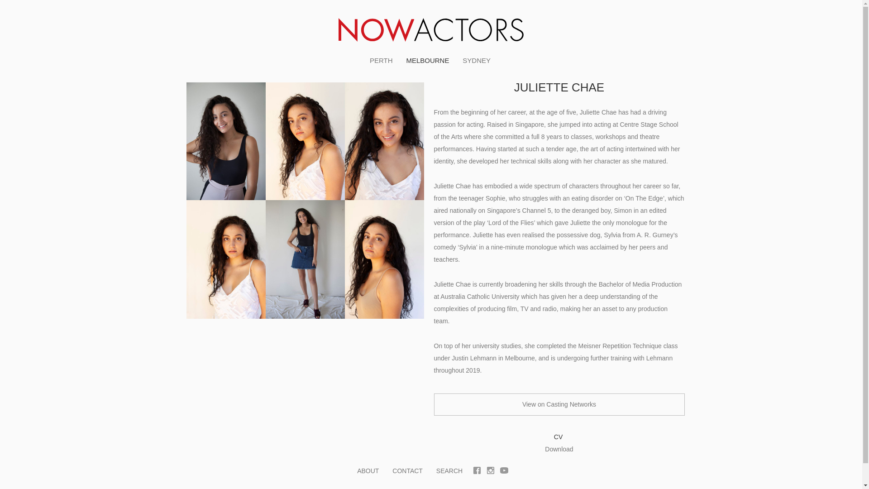 Image resolution: width=869 pixels, height=489 pixels. Describe the element at coordinates (449, 470) in the screenshot. I see `'SEARCH'` at that location.